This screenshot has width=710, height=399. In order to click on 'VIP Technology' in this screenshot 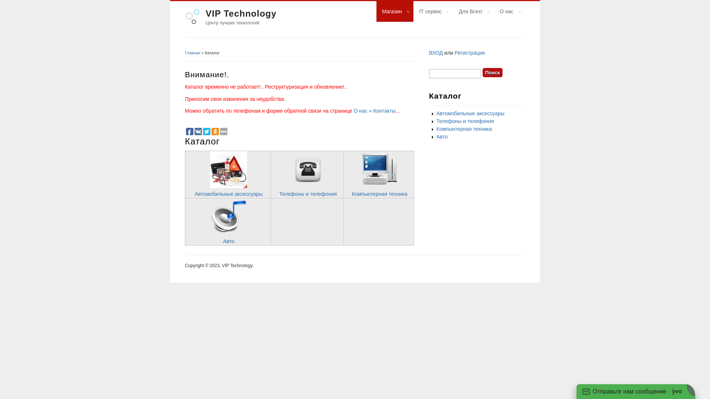, I will do `click(206, 13)`.